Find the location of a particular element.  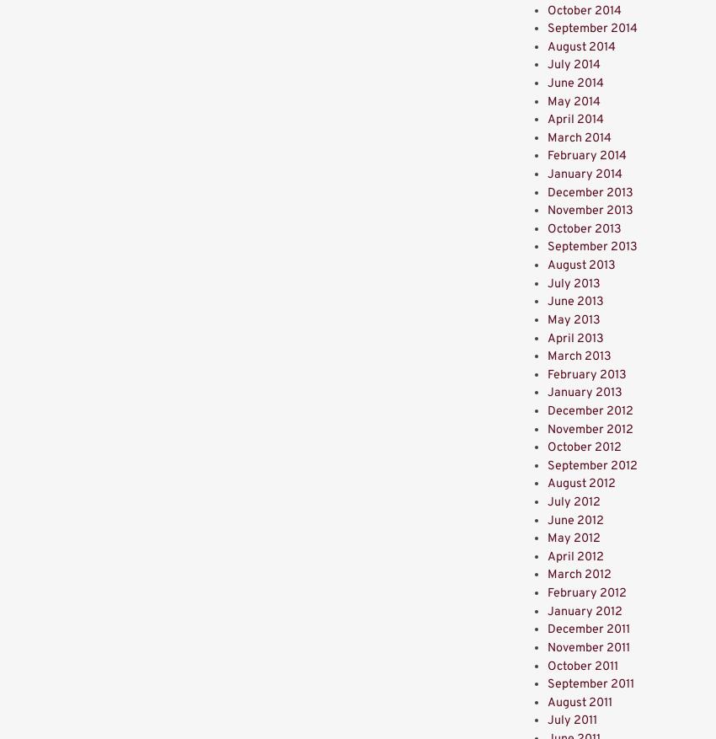

'October 2012' is located at coordinates (547, 447).